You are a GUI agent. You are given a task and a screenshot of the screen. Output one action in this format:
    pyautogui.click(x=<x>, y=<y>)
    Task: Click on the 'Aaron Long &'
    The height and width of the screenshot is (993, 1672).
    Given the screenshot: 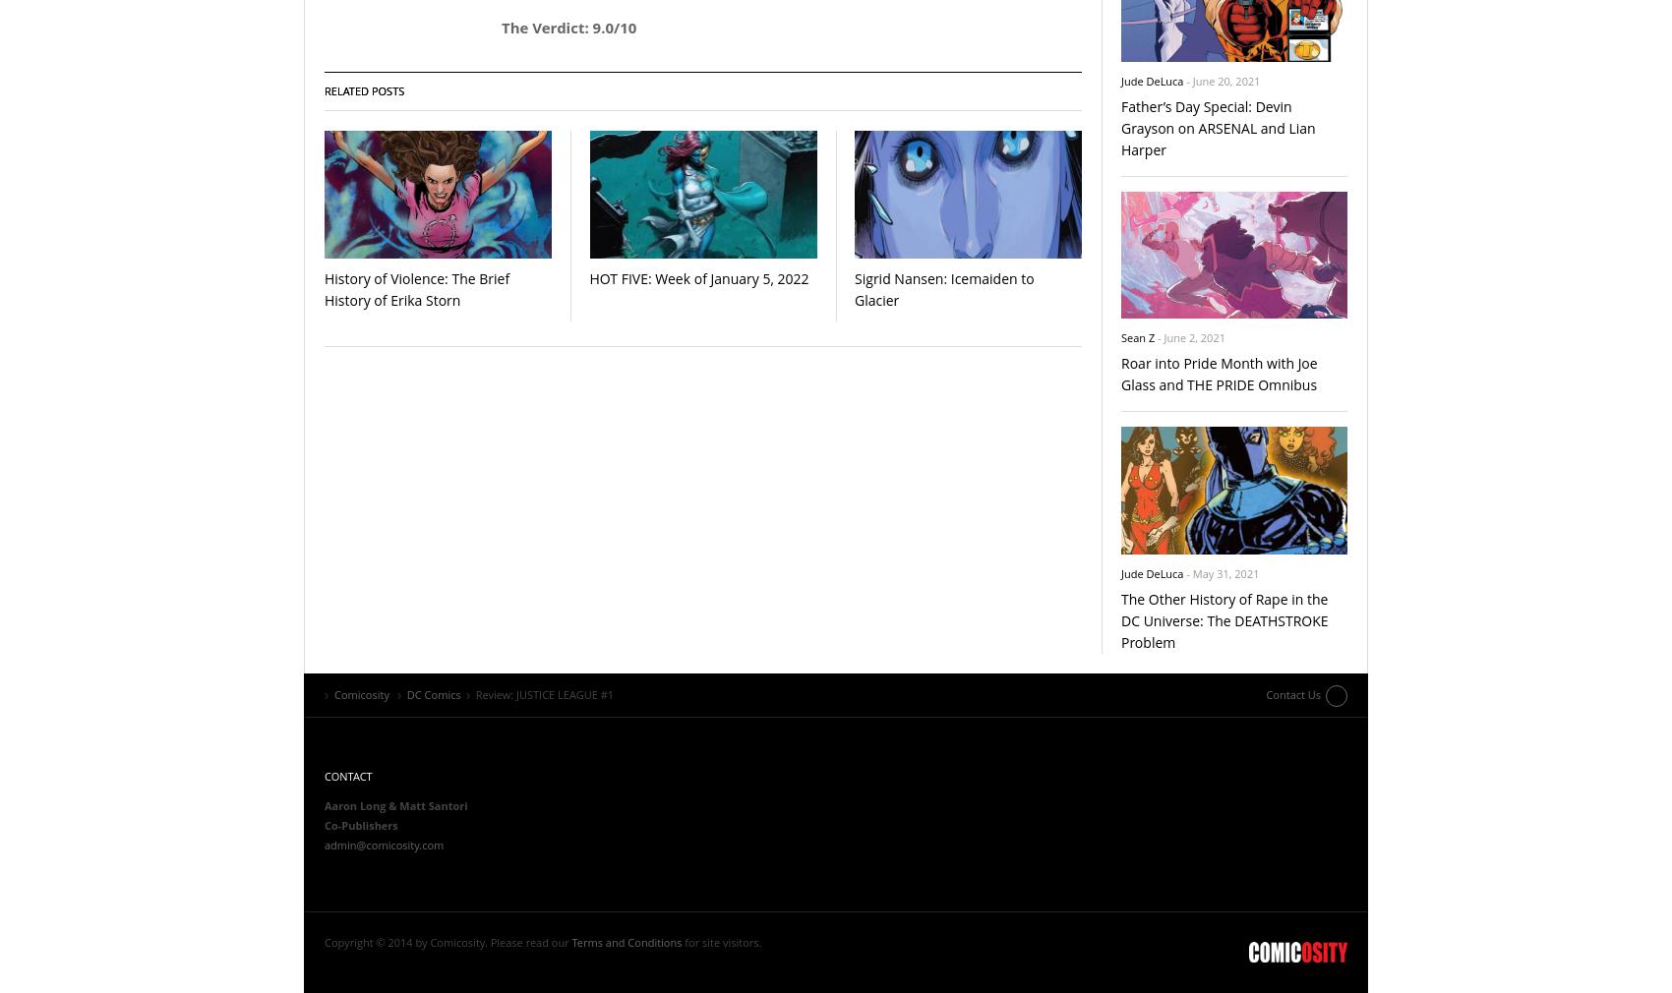 What is the action you would take?
    pyautogui.click(x=361, y=804)
    